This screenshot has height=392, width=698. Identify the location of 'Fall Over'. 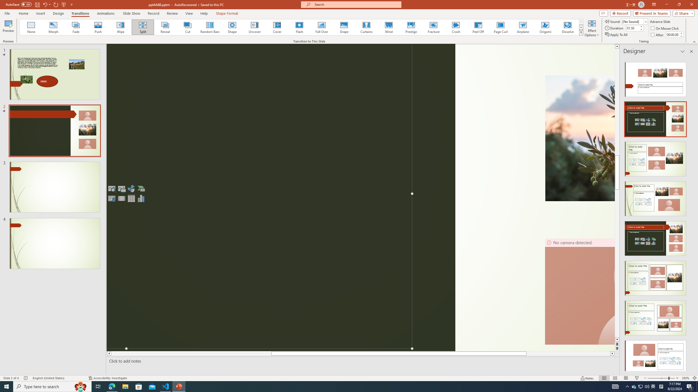
(321, 27).